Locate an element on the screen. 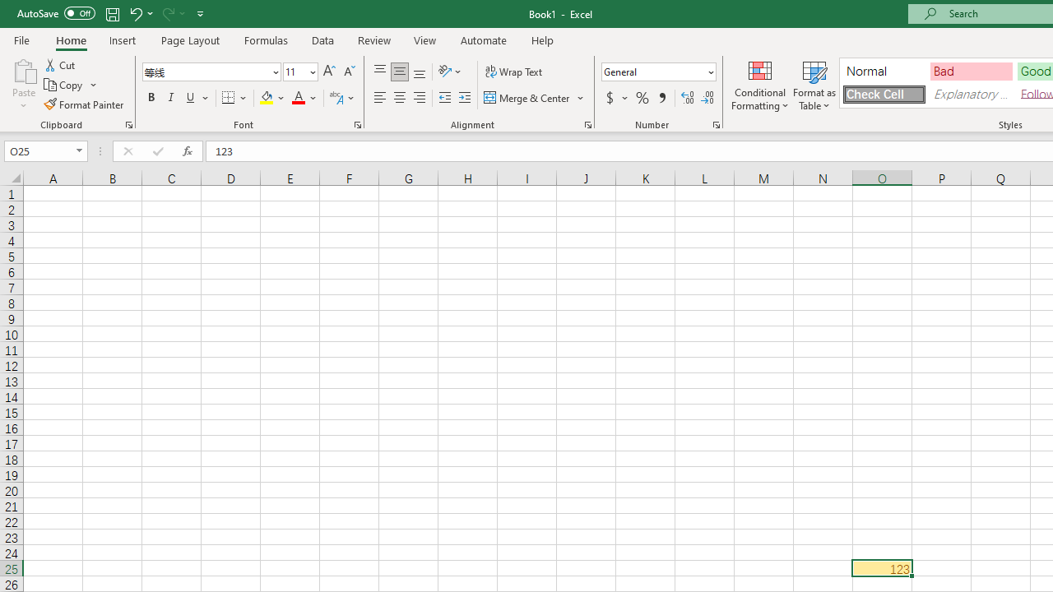 The height and width of the screenshot is (592, 1053). 'Format Cell Font' is located at coordinates (357, 123).